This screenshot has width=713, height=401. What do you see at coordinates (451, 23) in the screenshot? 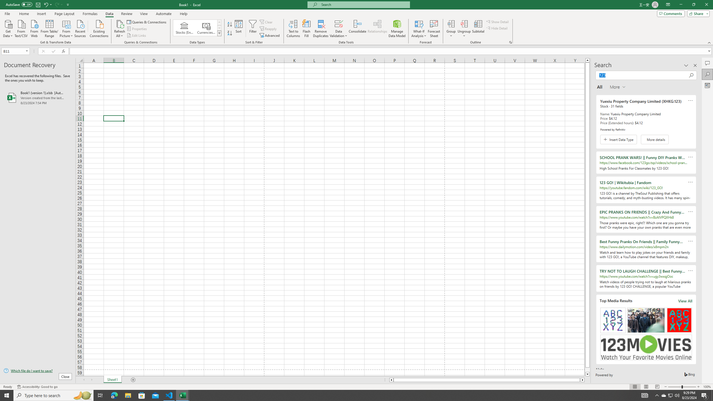
I see `'Group...'` at bounding box center [451, 23].